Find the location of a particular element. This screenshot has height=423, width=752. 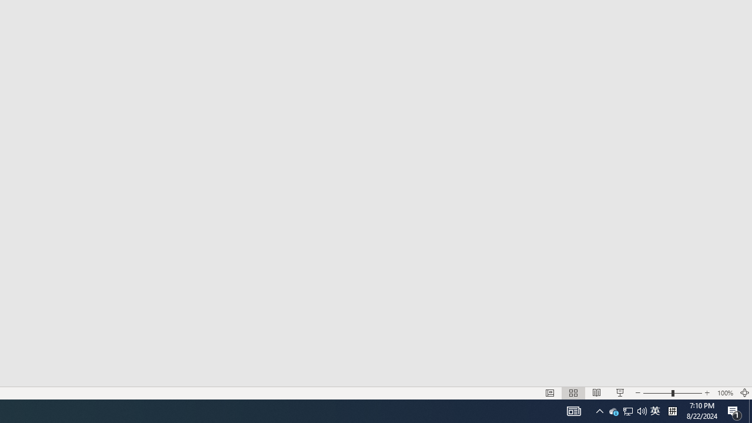

'Normal' is located at coordinates (549, 393).